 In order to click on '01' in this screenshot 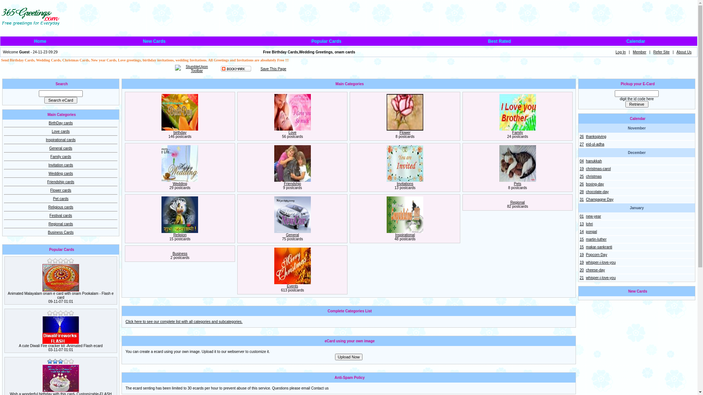, I will do `click(581, 216)`.